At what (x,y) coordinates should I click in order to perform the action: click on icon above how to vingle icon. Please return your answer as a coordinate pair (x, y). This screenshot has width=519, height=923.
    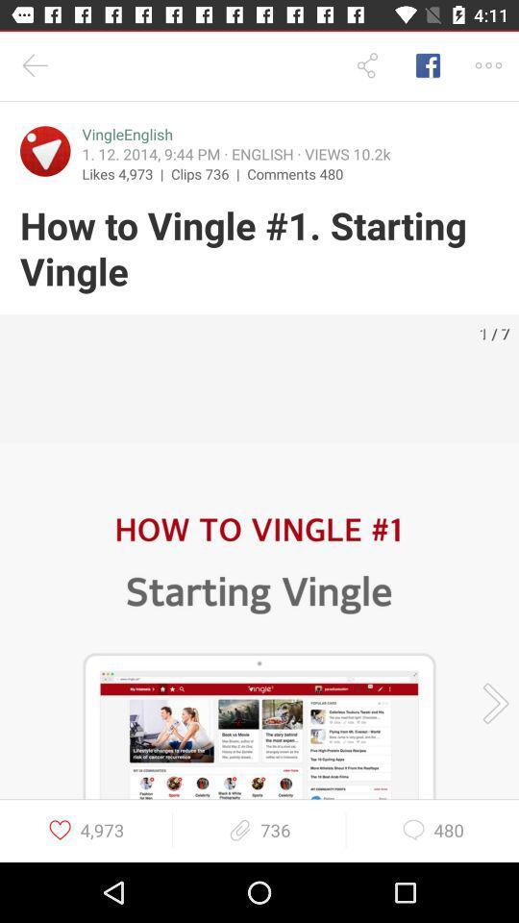
    Looking at the image, I should click on (208, 172).